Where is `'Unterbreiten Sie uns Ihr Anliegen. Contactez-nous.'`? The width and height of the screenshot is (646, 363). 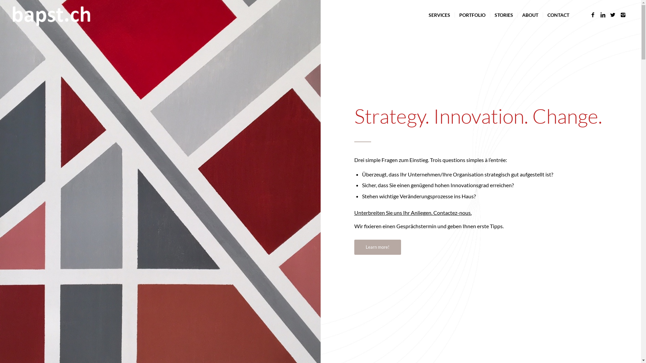
'Unterbreiten Sie uns Ihr Anliegen. Contactez-nous.' is located at coordinates (412, 212).